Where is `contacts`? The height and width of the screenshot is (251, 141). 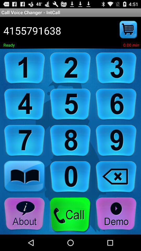 contacts is located at coordinates (24, 177).